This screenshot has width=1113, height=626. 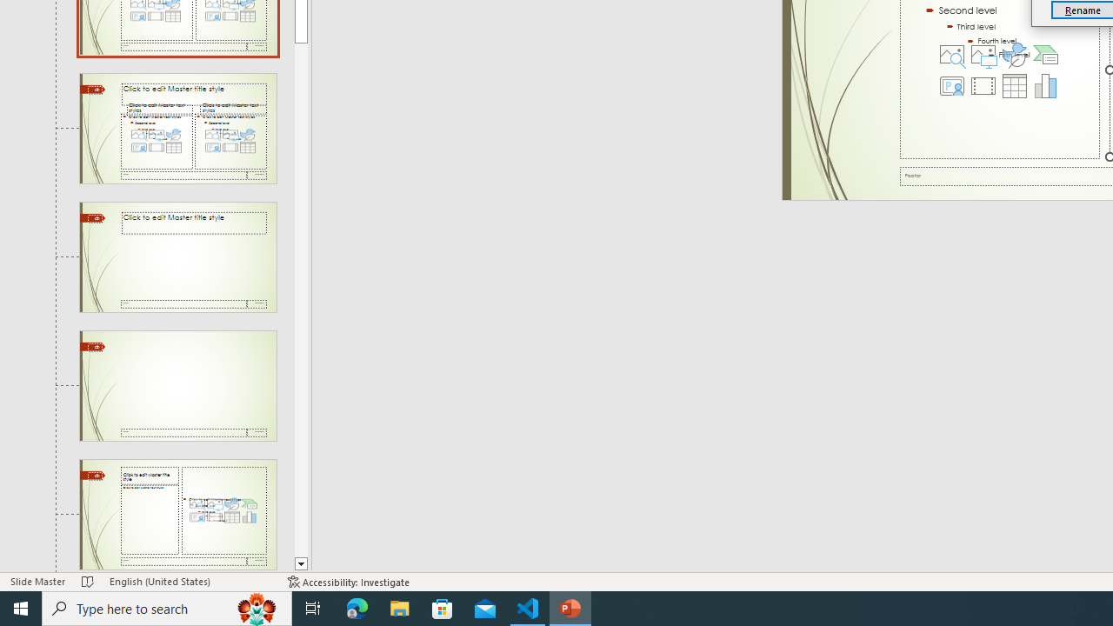 I want to click on 'Microsoft Edge', so click(x=357, y=607).